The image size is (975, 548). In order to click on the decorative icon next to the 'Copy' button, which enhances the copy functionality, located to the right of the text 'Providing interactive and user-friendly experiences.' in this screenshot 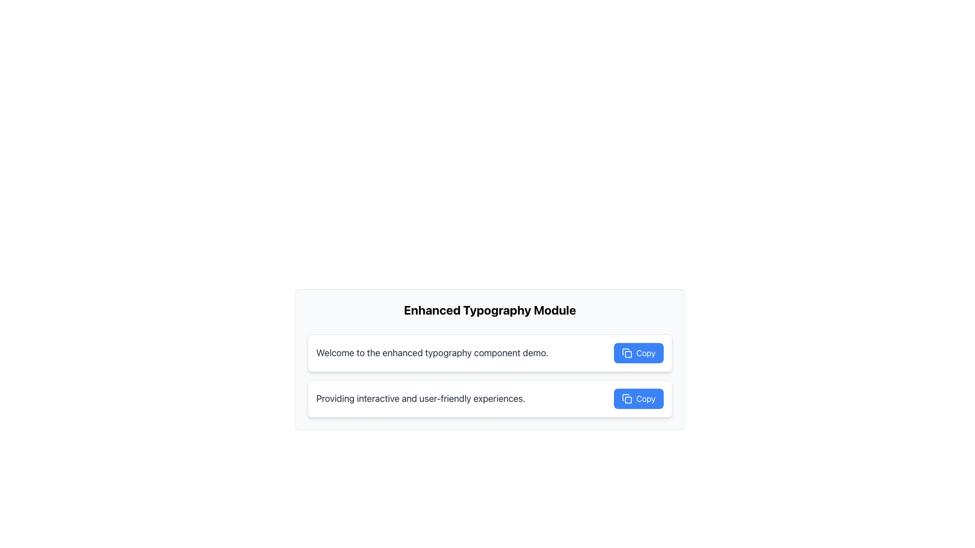, I will do `click(625, 397)`.